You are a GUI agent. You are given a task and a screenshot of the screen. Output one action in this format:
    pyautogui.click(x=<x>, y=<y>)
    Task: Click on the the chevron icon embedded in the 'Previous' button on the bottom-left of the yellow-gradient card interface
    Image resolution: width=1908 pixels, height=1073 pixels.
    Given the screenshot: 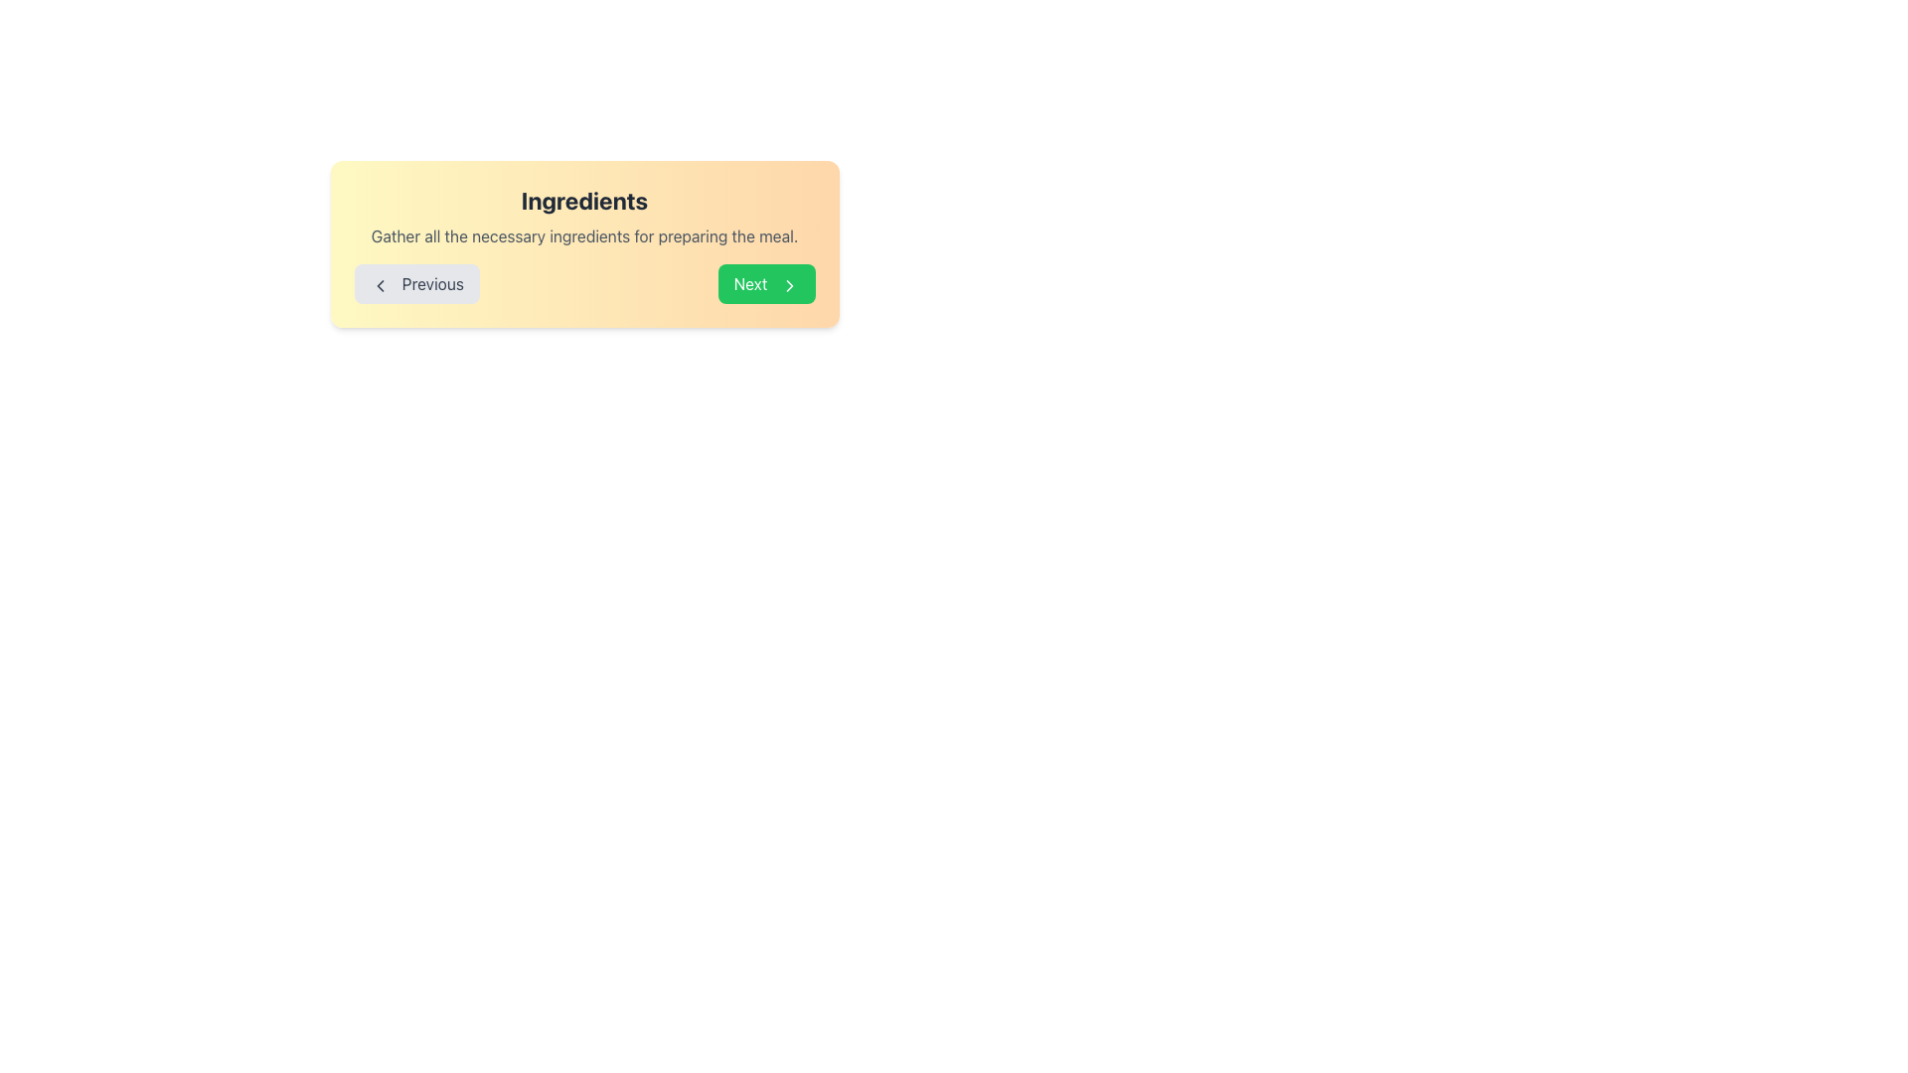 What is the action you would take?
    pyautogui.click(x=380, y=285)
    